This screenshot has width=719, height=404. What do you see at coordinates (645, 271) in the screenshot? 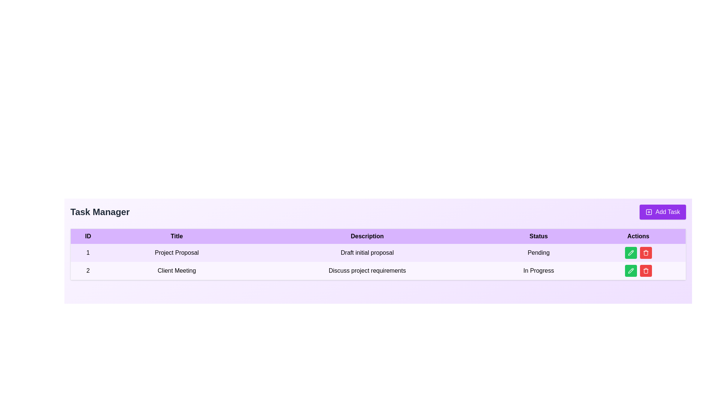
I see `the red delete button with a trash can icon located in the 'Actions' column of the second row of the table for the 'Client Meeting' task to initiate the delete action` at bounding box center [645, 271].